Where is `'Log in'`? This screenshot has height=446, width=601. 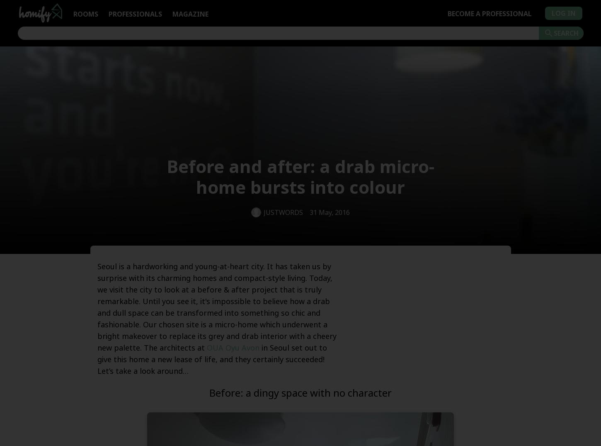 'Log in' is located at coordinates (562, 13).